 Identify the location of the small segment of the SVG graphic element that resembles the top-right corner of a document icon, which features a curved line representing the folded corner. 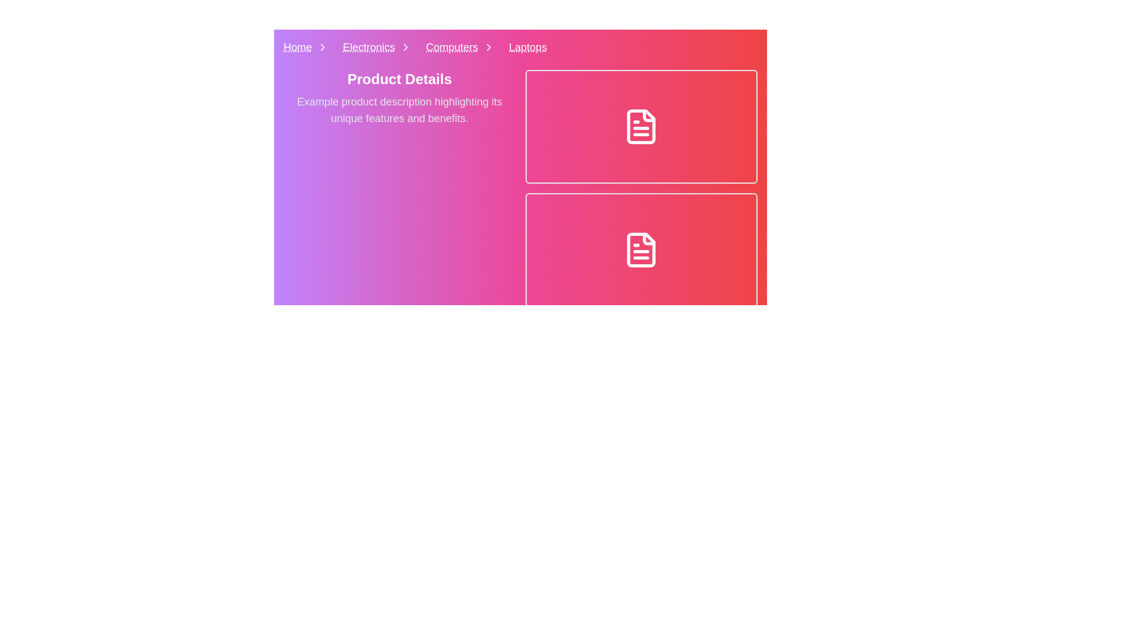
(648, 239).